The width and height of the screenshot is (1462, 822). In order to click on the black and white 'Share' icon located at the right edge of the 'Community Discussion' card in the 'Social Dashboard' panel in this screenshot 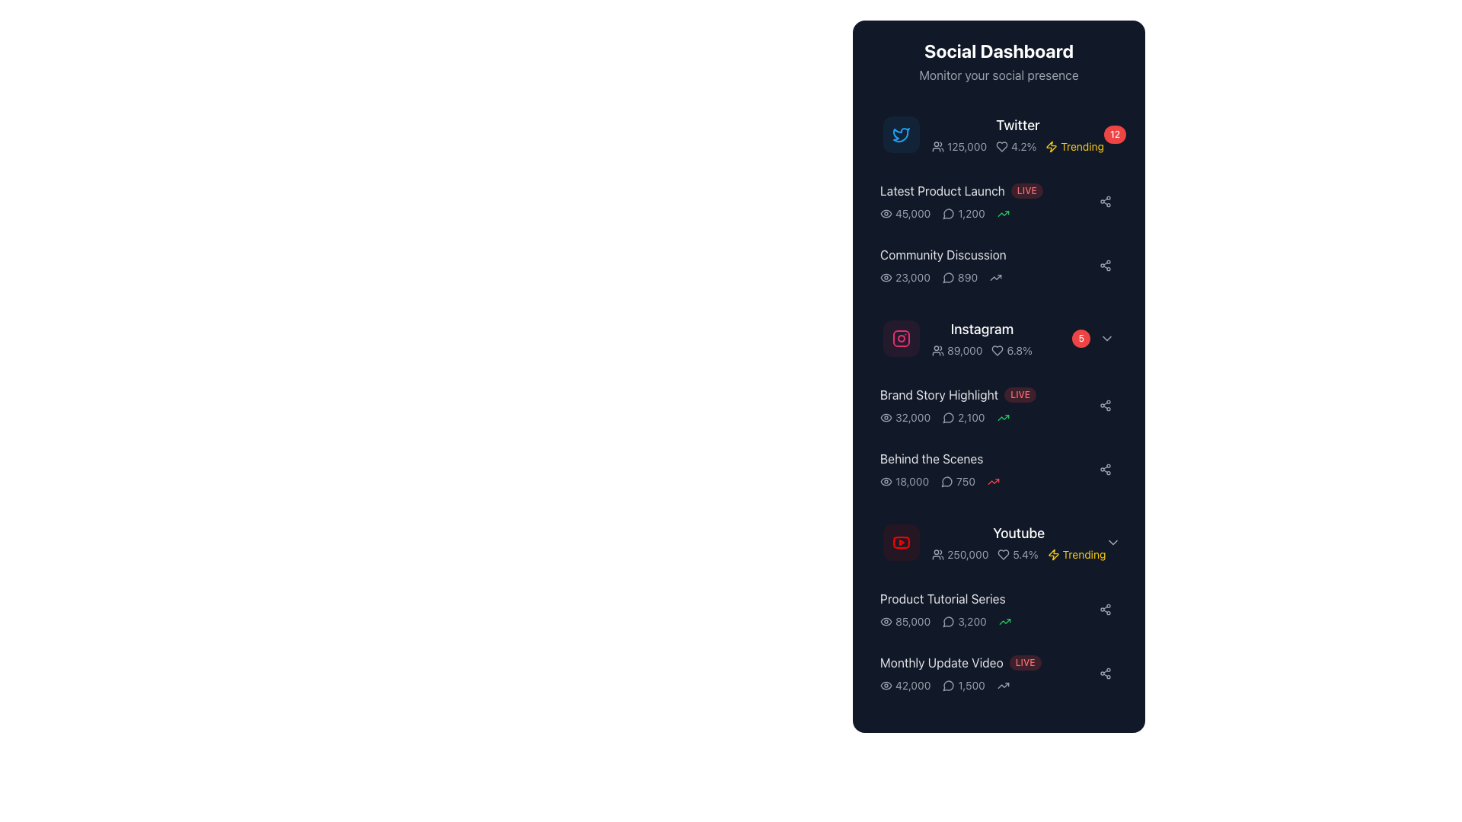, I will do `click(1105, 672)`.